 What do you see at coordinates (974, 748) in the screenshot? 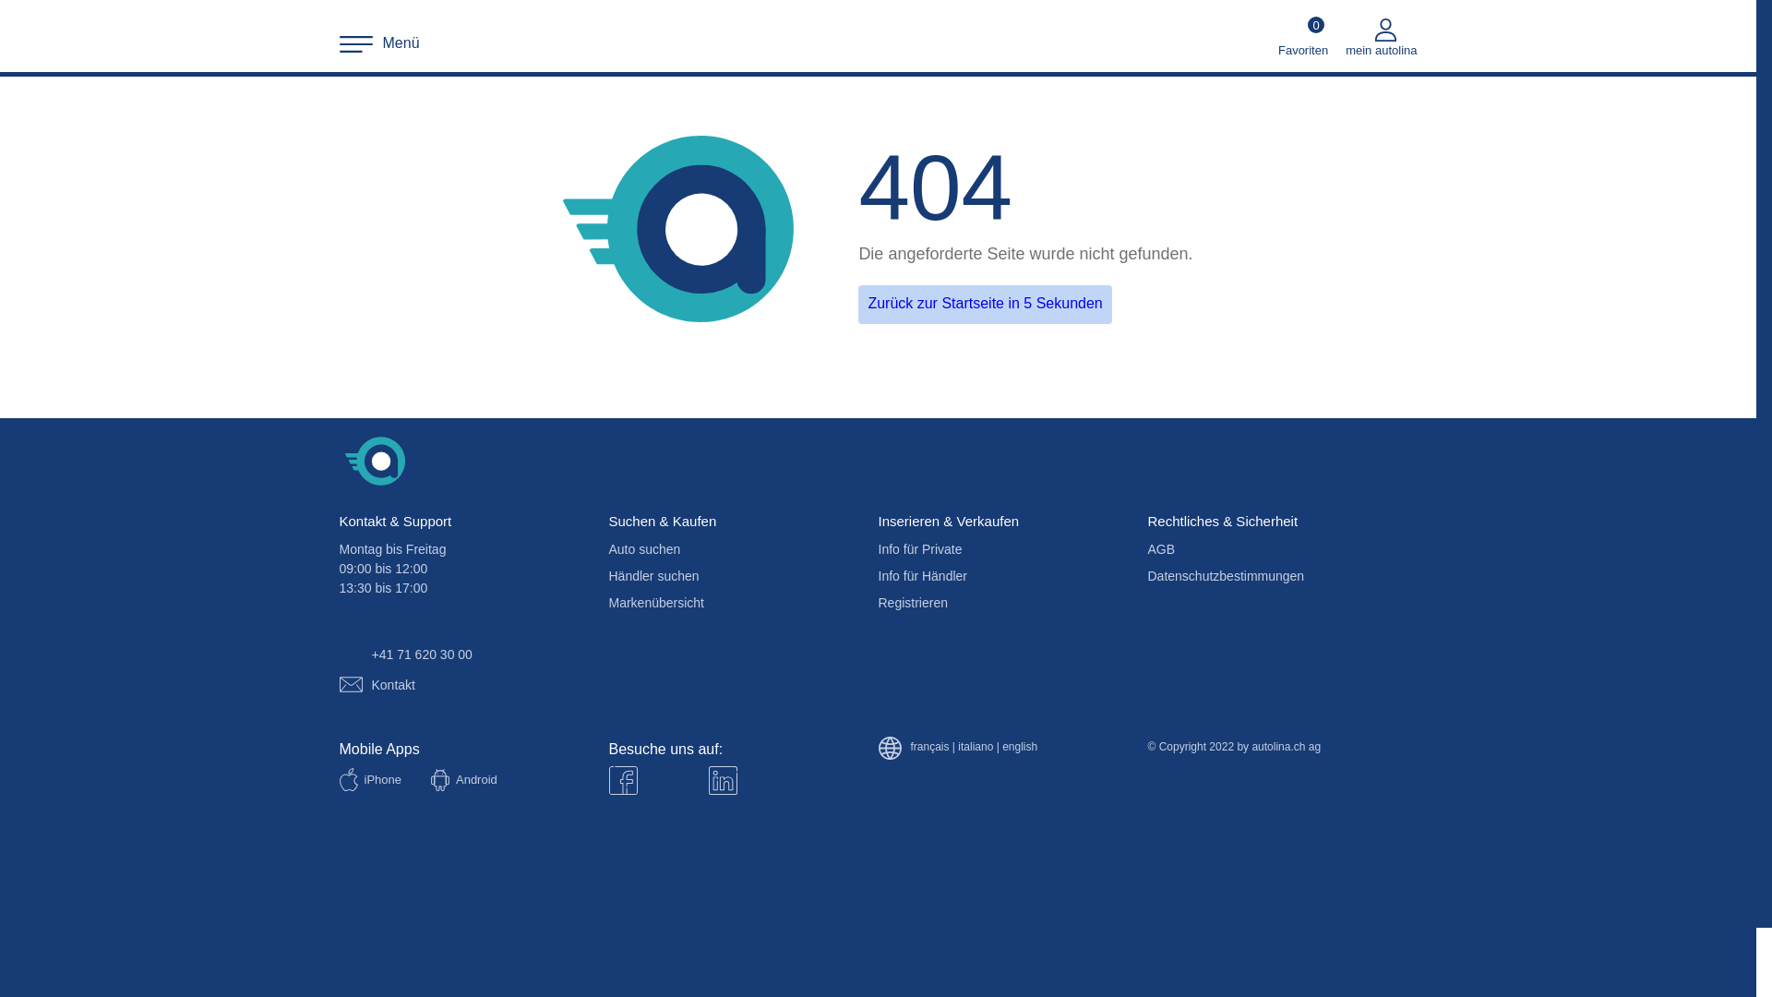
I see `'italiano'` at bounding box center [974, 748].